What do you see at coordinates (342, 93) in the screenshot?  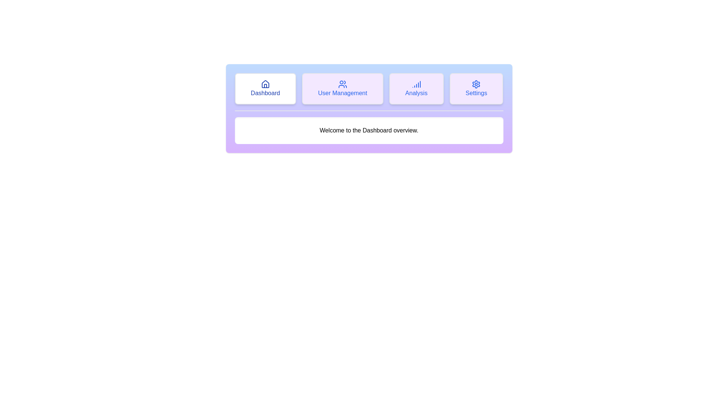 I see `the 'User Management' label, which is a blue text label displayed in a sans-serif font within a lavender background in the navigation bar` at bounding box center [342, 93].